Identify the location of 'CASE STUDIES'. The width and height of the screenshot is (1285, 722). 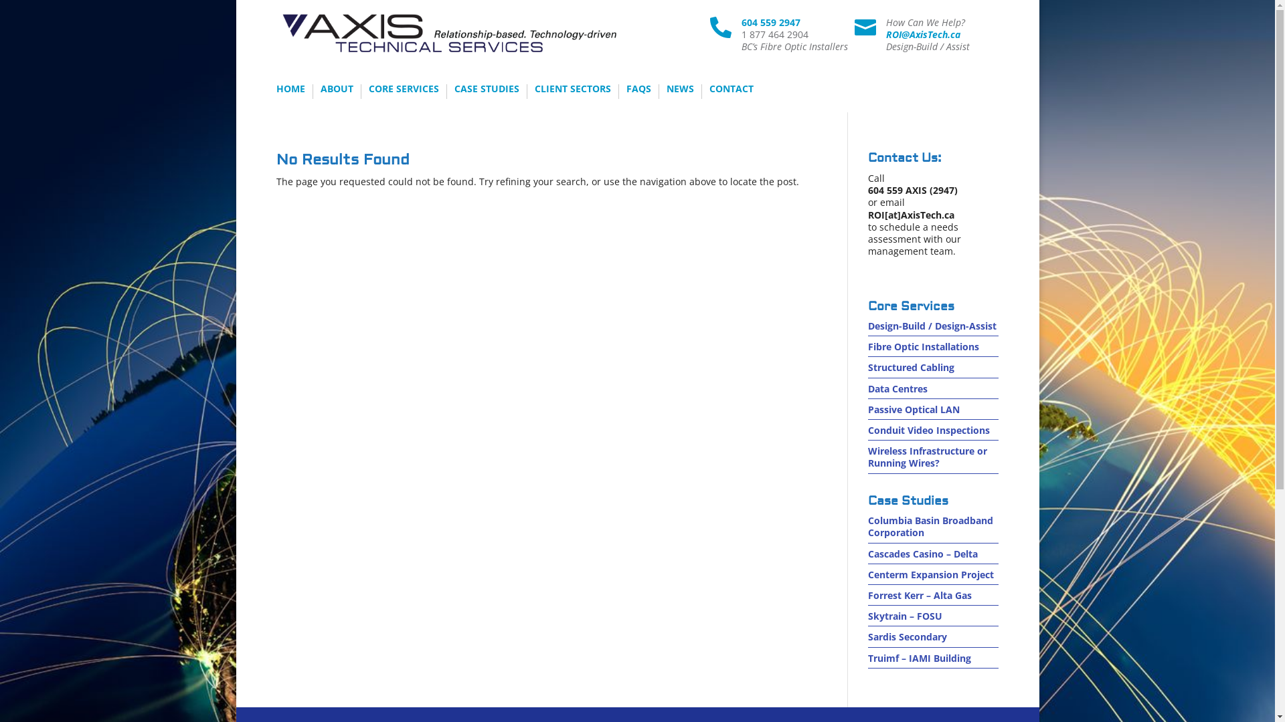
(485, 91).